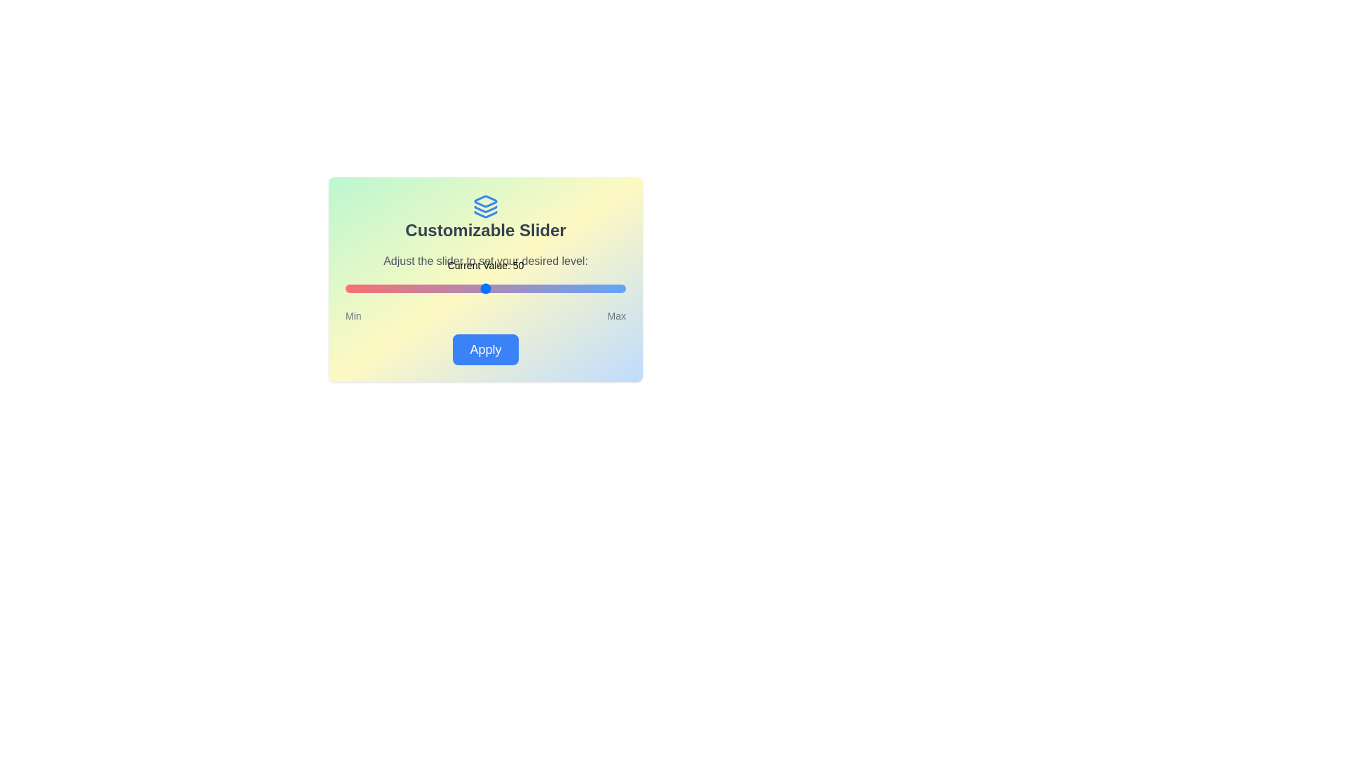 The width and height of the screenshot is (1346, 757). What do you see at coordinates (619, 288) in the screenshot?
I see `the slider to set its value to 98` at bounding box center [619, 288].